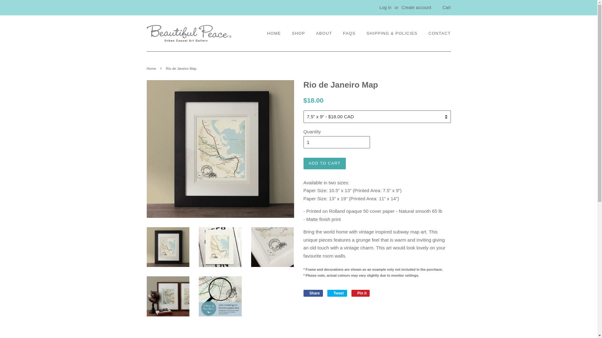  I want to click on 'Home', so click(152, 69).